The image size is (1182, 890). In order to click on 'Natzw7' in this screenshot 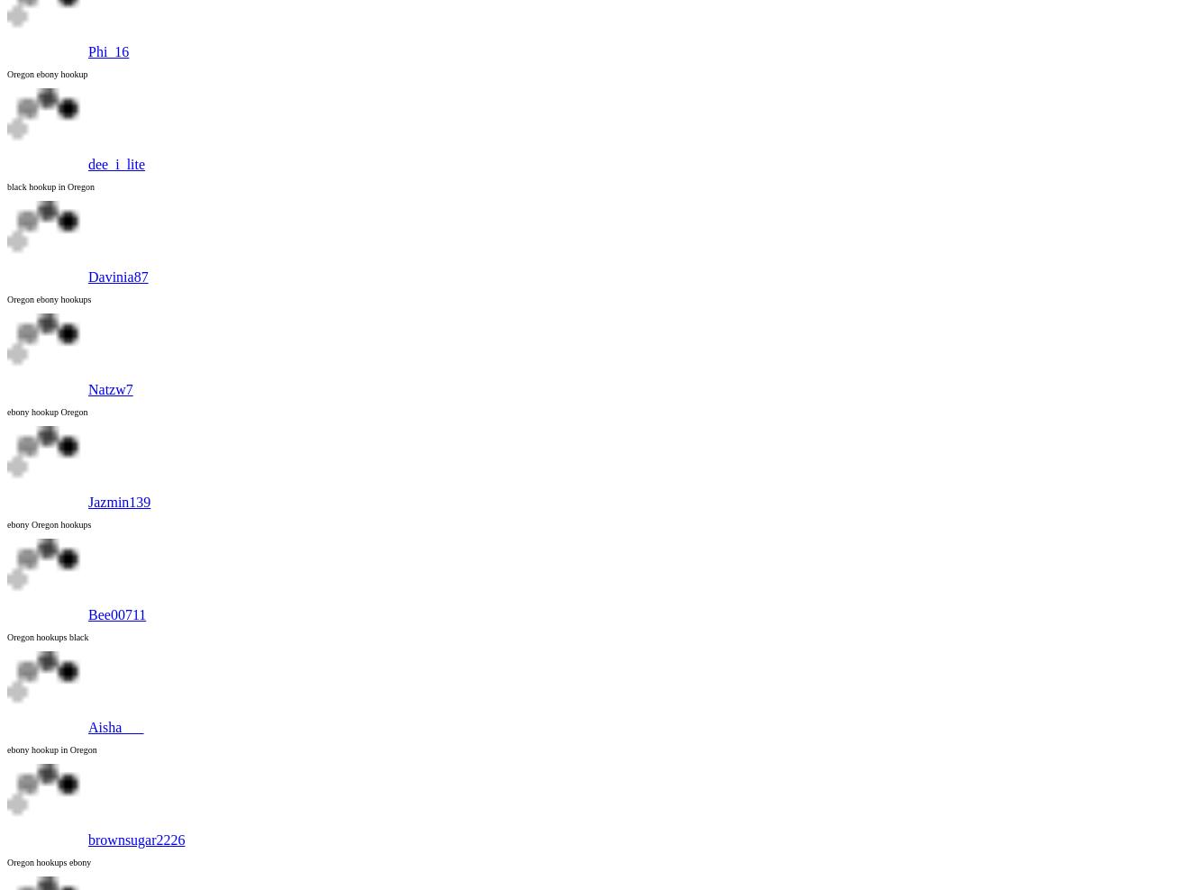, I will do `click(110, 388)`.